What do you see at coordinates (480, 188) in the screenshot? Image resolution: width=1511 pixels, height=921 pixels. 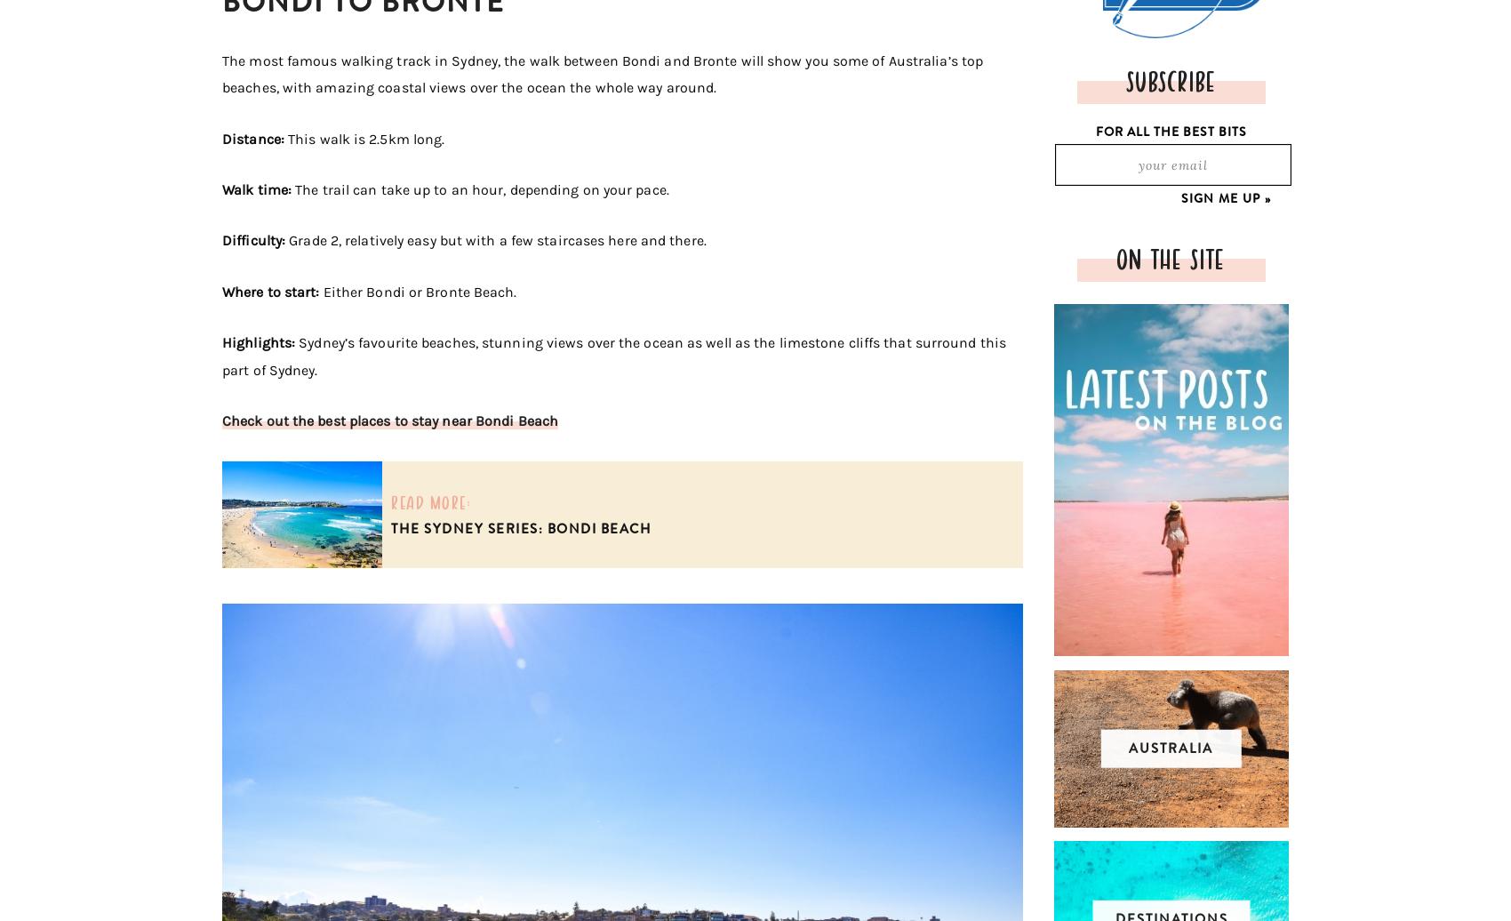 I see `'The trail can take up to an hour, depending on your pace.'` at bounding box center [480, 188].